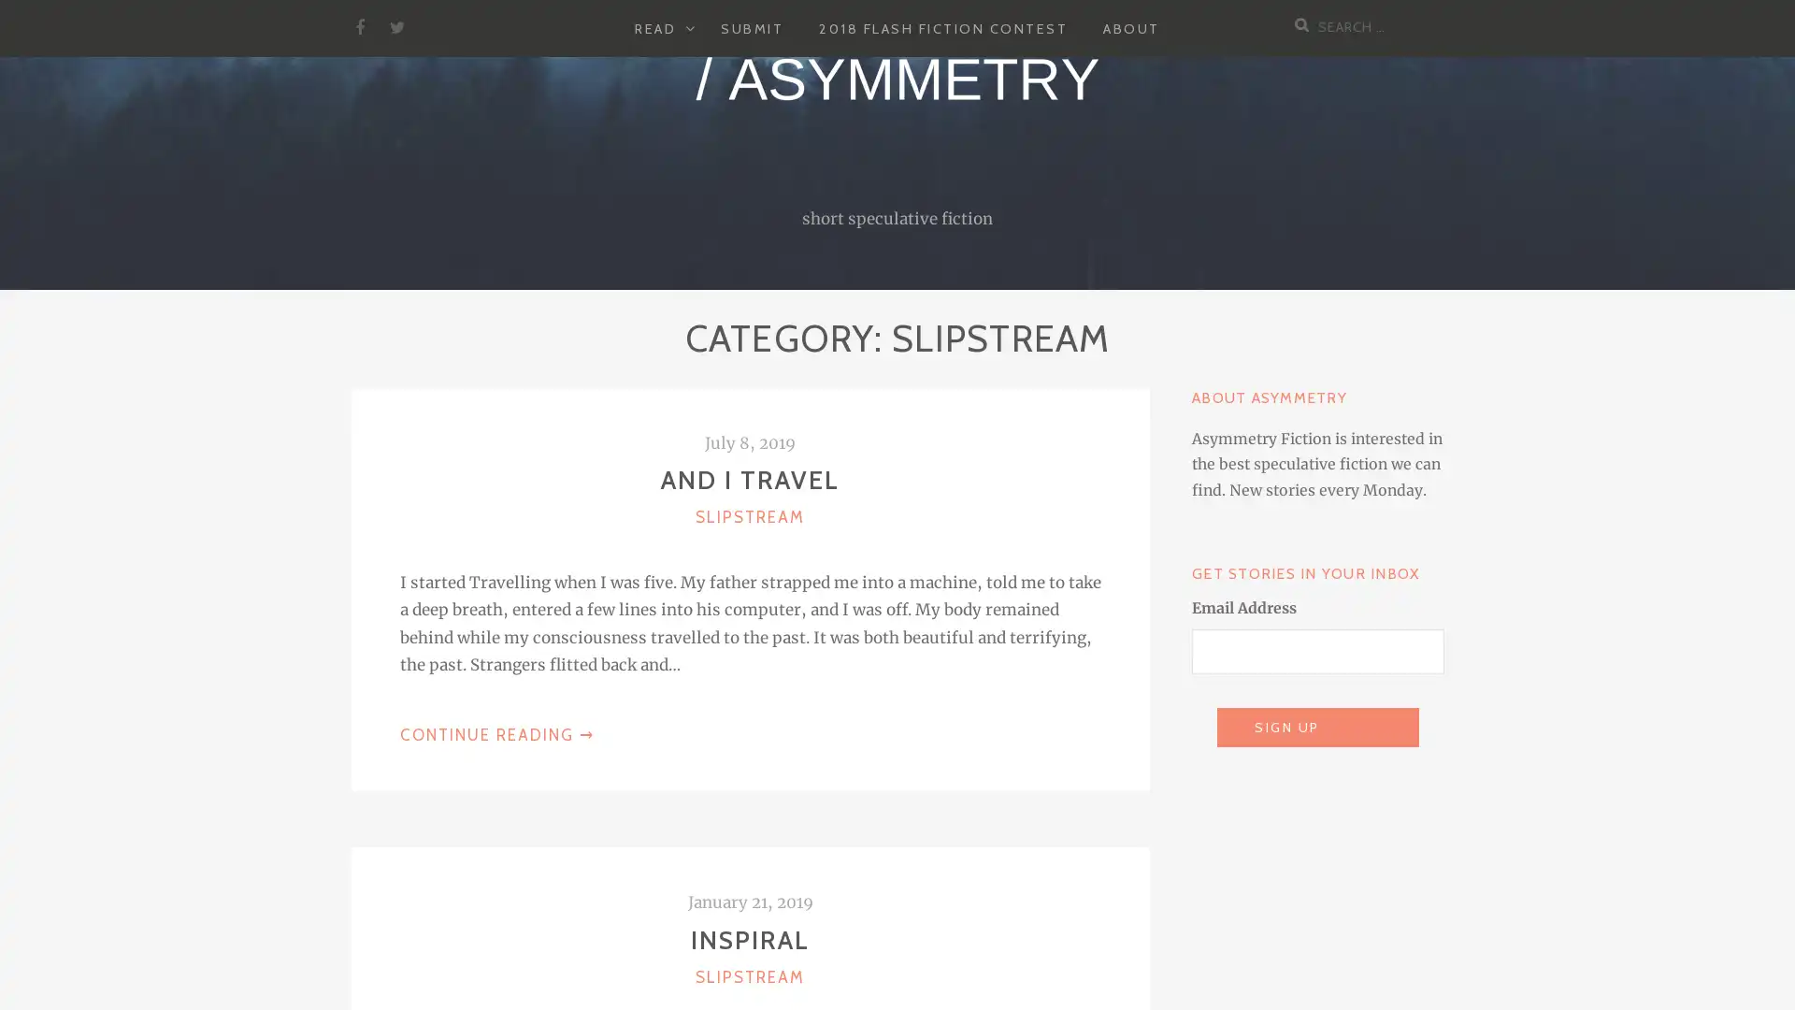 This screenshot has height=1010, width=1795. I want to click on EXPAND CHILD MENU, so click(688, 27).